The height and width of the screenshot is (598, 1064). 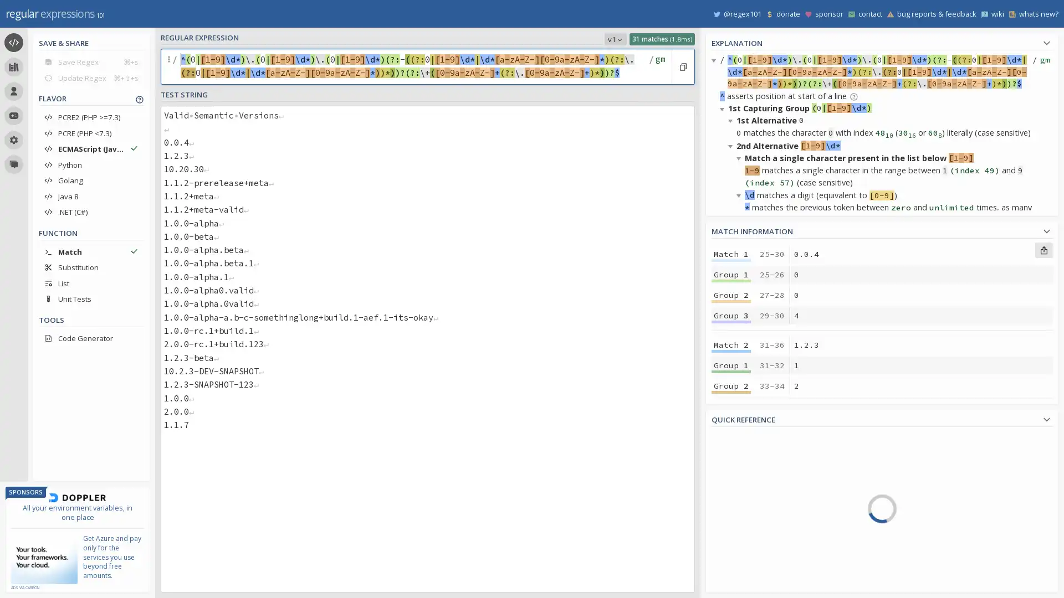 I want to click on Collapse Subtree, so click(x=715, y=60).